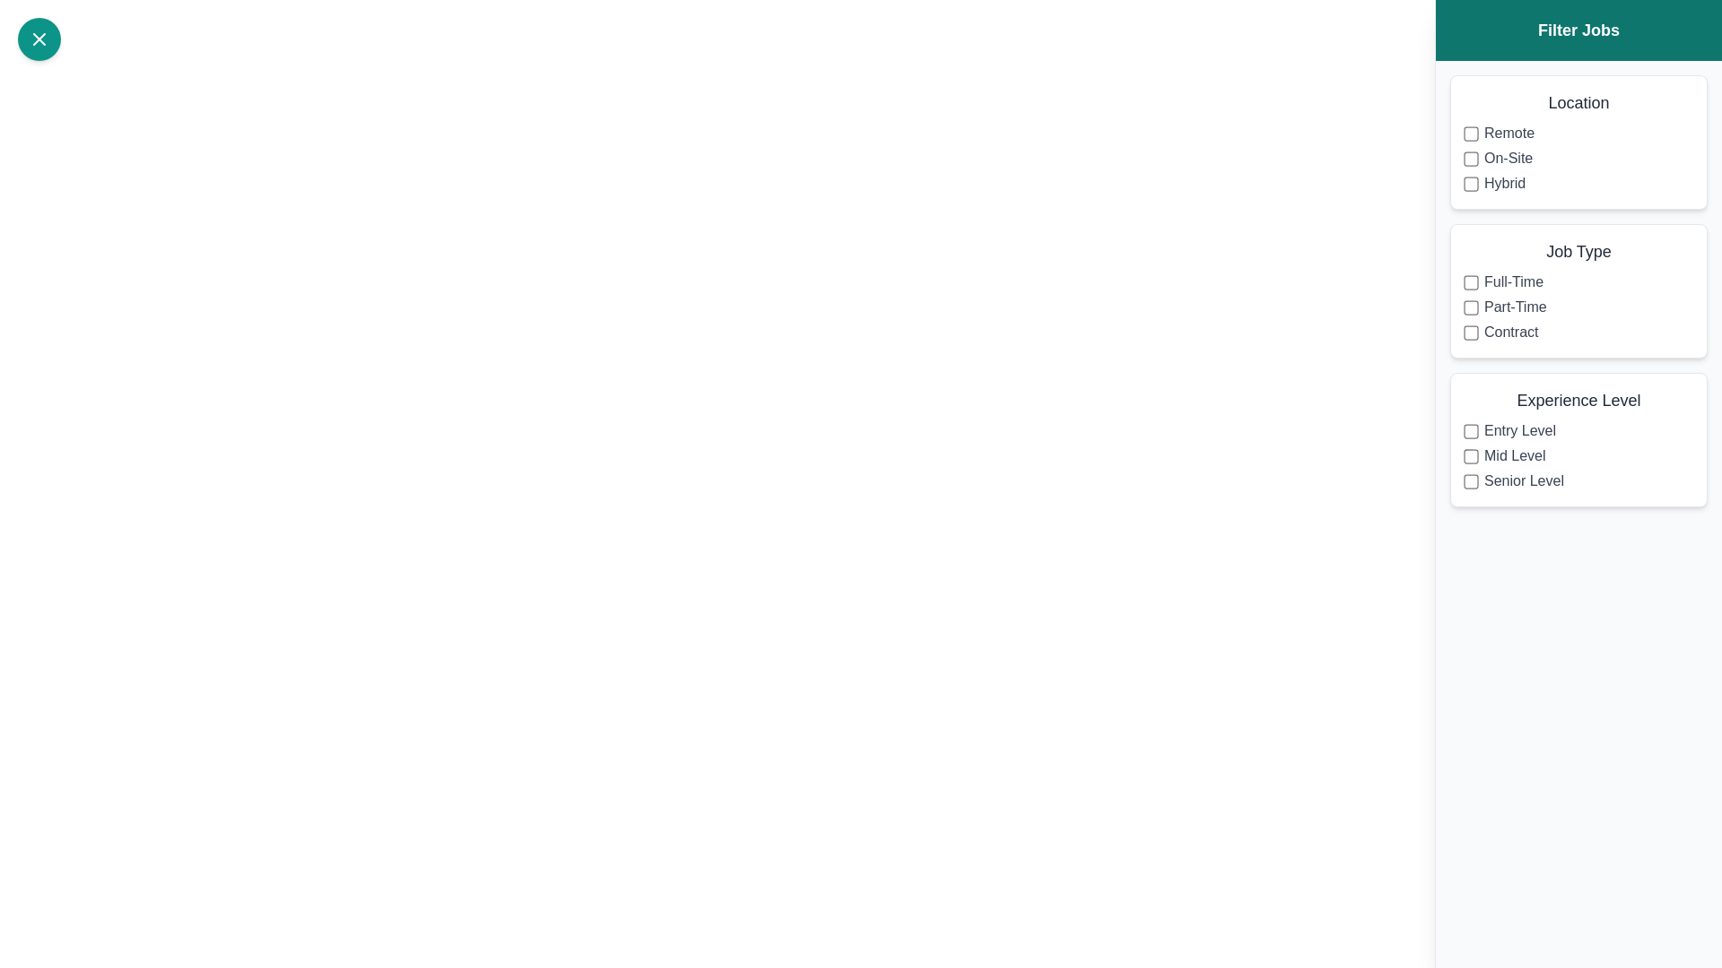 The height and width of the screenshot is (968, 1722). I want to click on the filter option On-Site, so click(1471, 158).